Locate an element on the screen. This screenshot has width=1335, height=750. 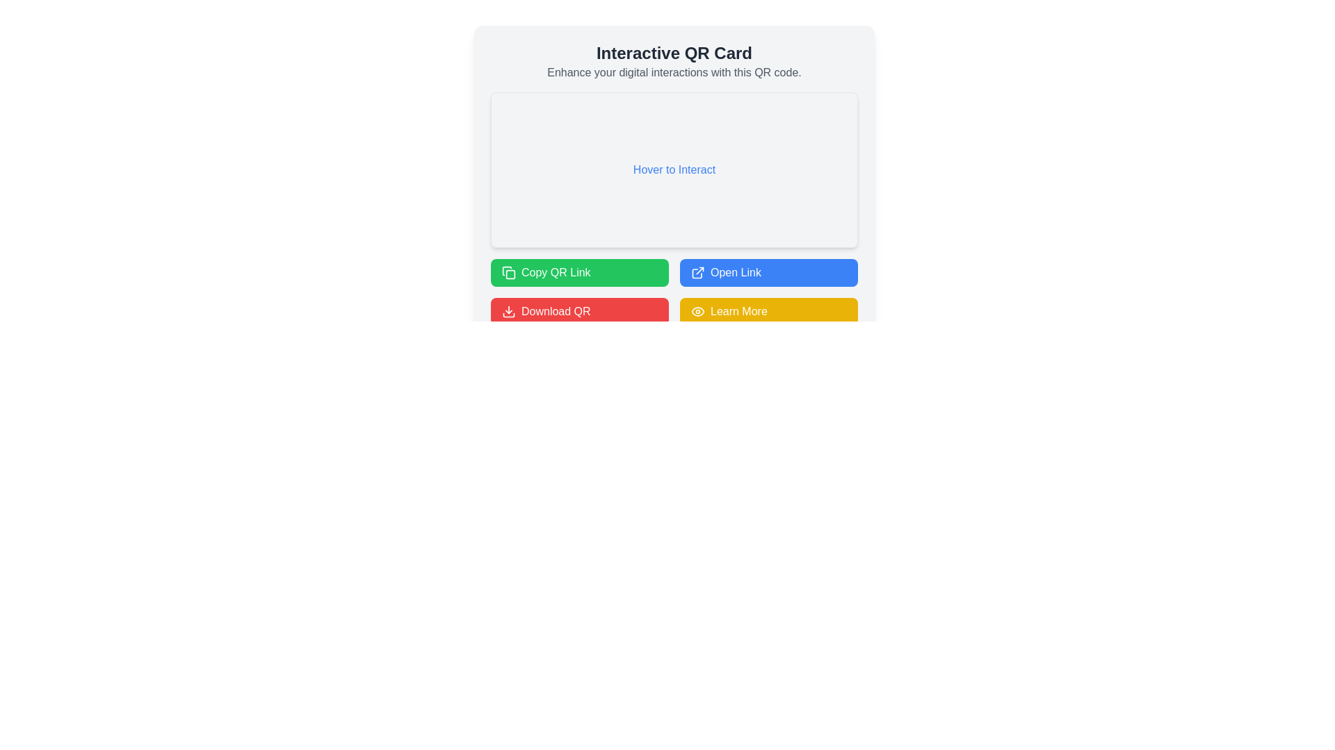
the first button in the grid layout to copy the QR link is located at coordinates (580, 273).